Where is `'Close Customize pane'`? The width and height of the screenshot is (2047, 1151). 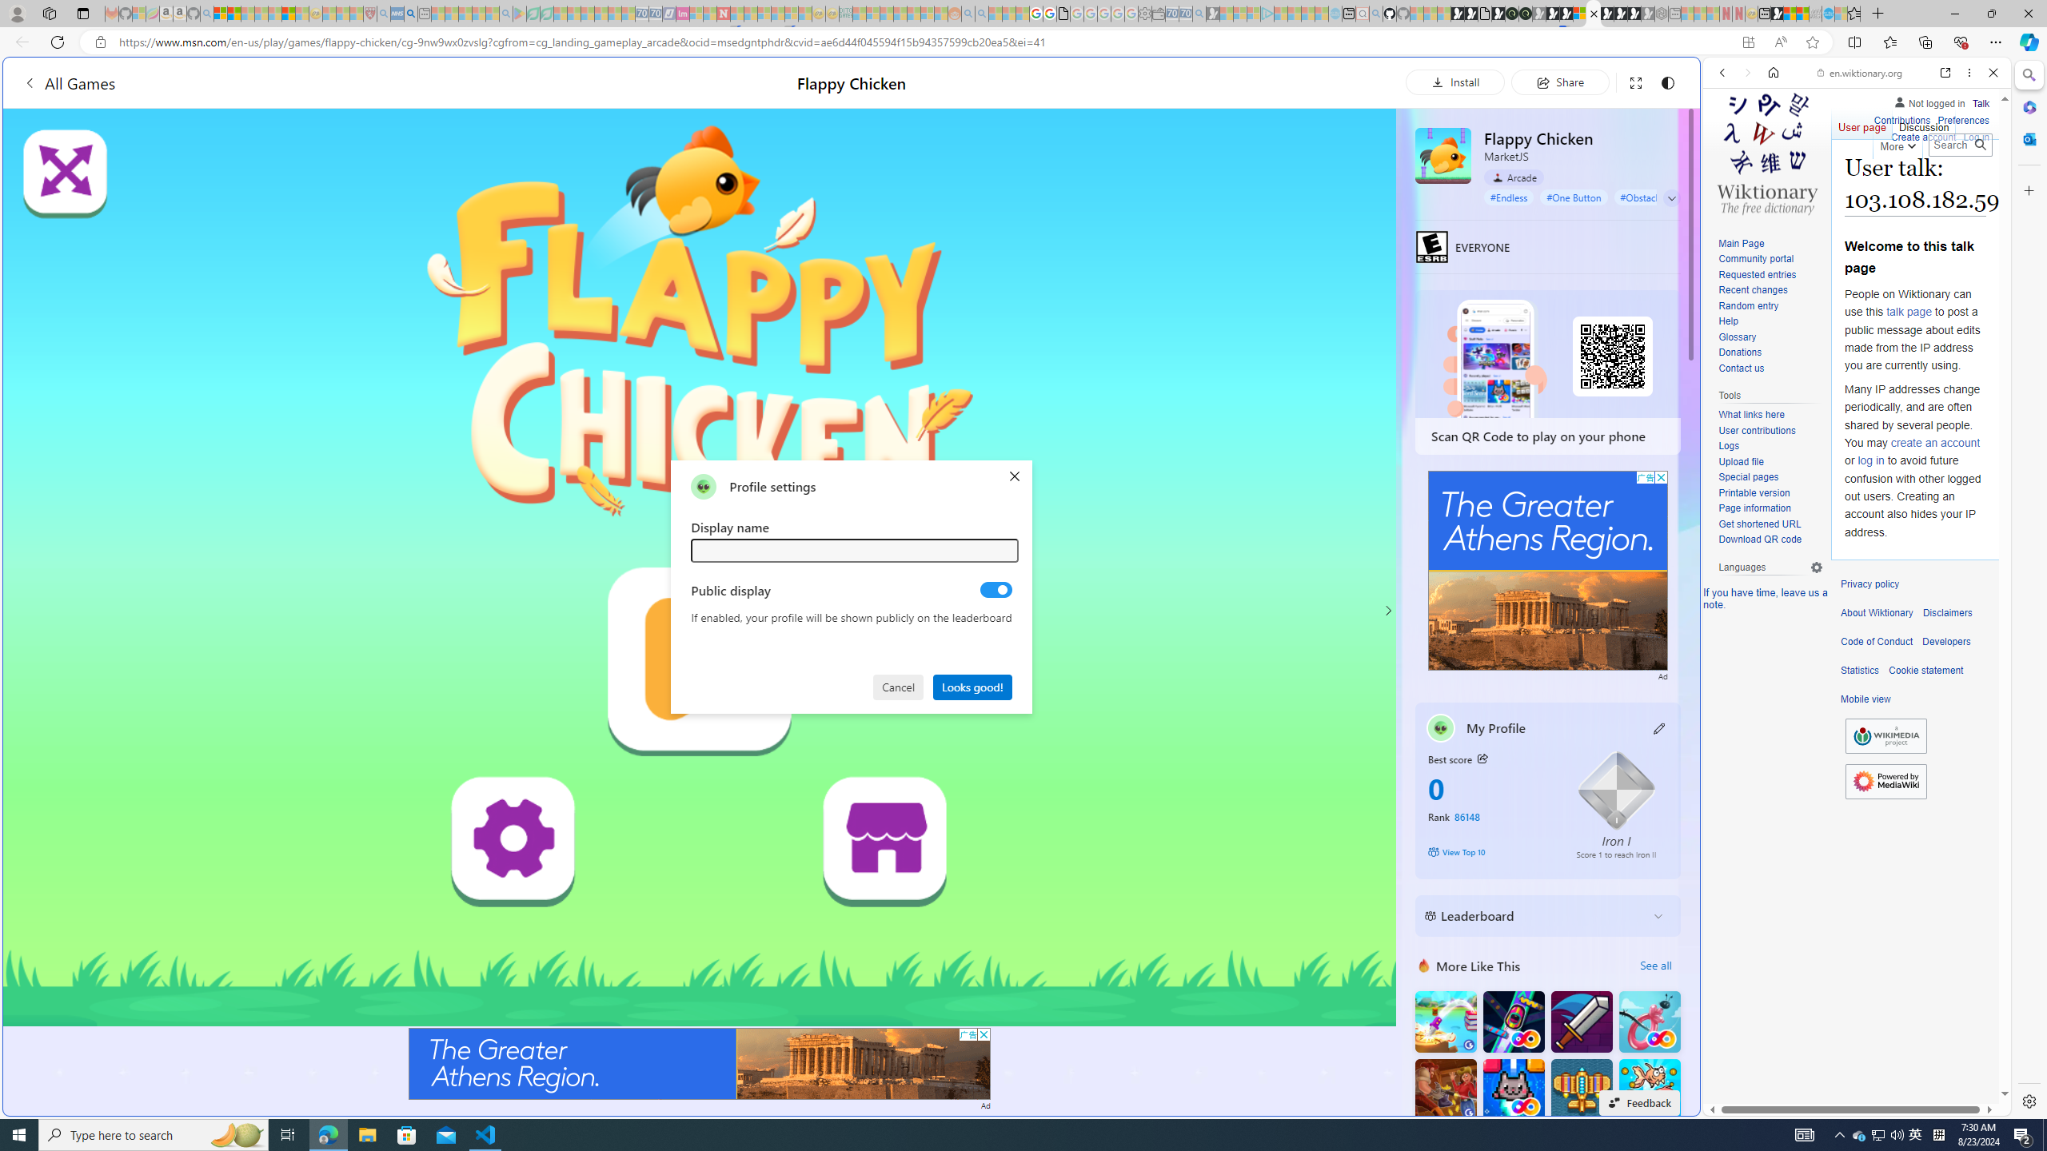
'Close Customize pane' is located at coordinates (2027, 189).